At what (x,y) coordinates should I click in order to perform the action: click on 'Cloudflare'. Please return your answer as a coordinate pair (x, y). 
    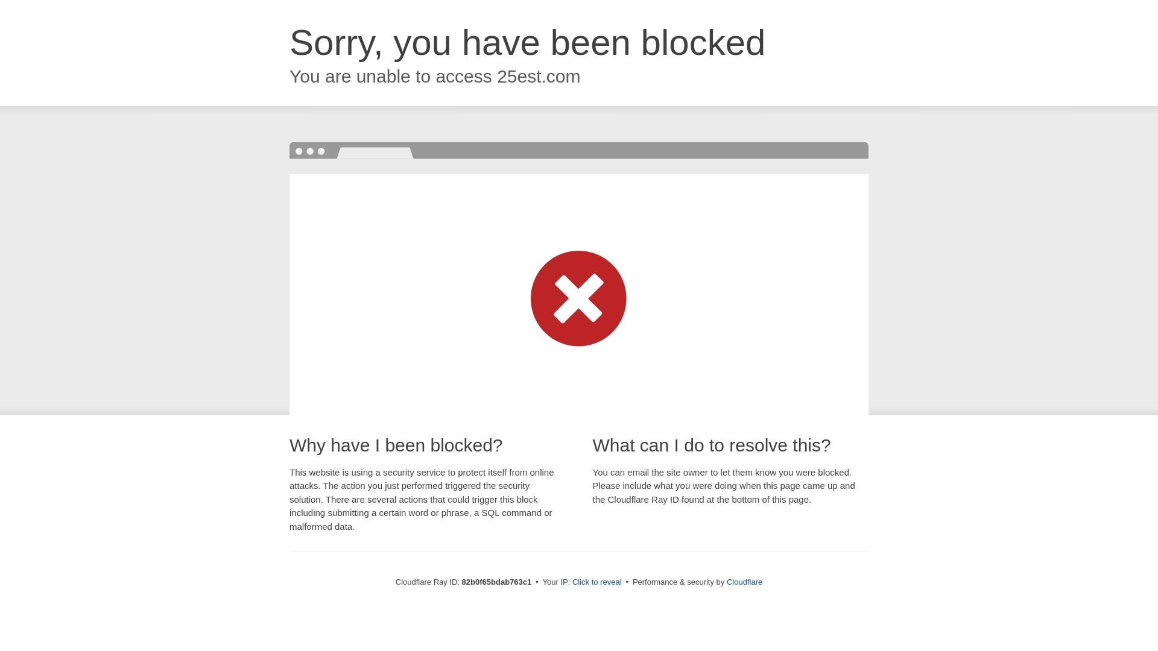
    Looking at the image, I should click on (744, 581).